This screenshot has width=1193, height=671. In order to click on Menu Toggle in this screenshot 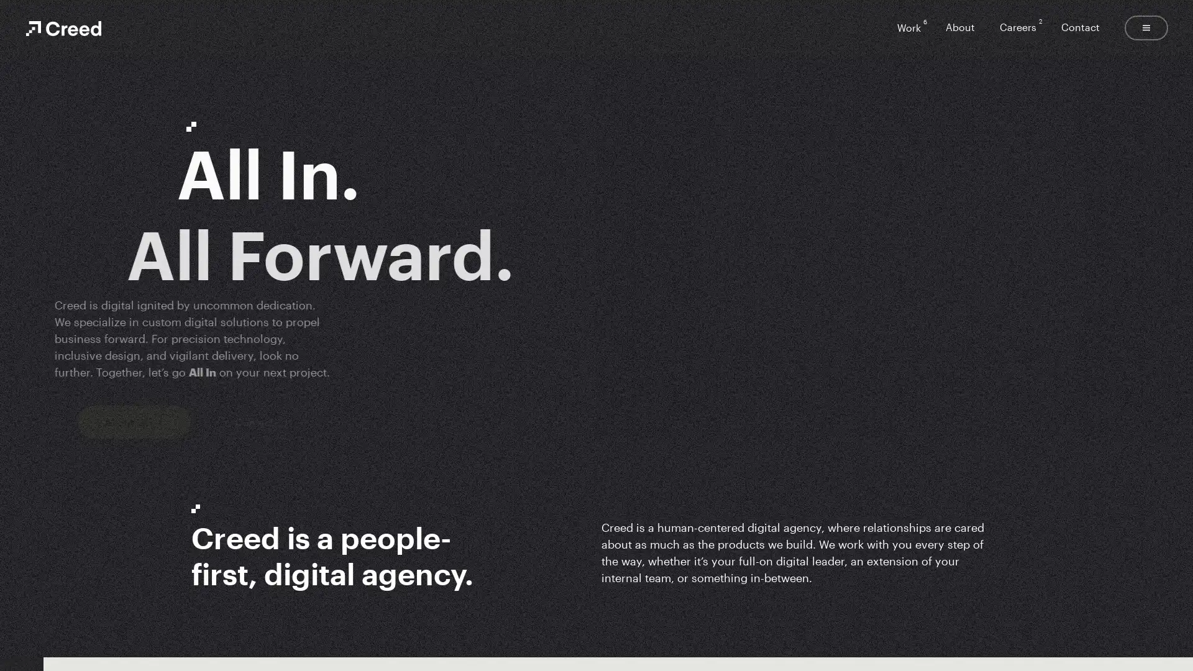, I will do `click(1145, 28)`.